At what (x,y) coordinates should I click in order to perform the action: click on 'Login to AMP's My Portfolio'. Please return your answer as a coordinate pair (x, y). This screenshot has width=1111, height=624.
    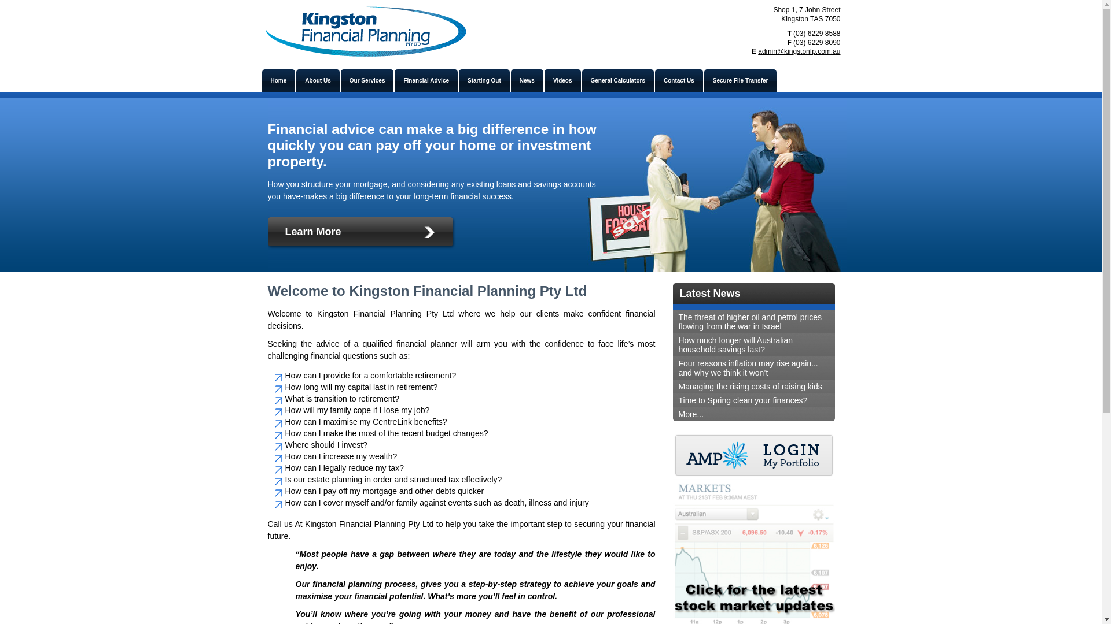
    Looking at the image, I should click on (753, 455).